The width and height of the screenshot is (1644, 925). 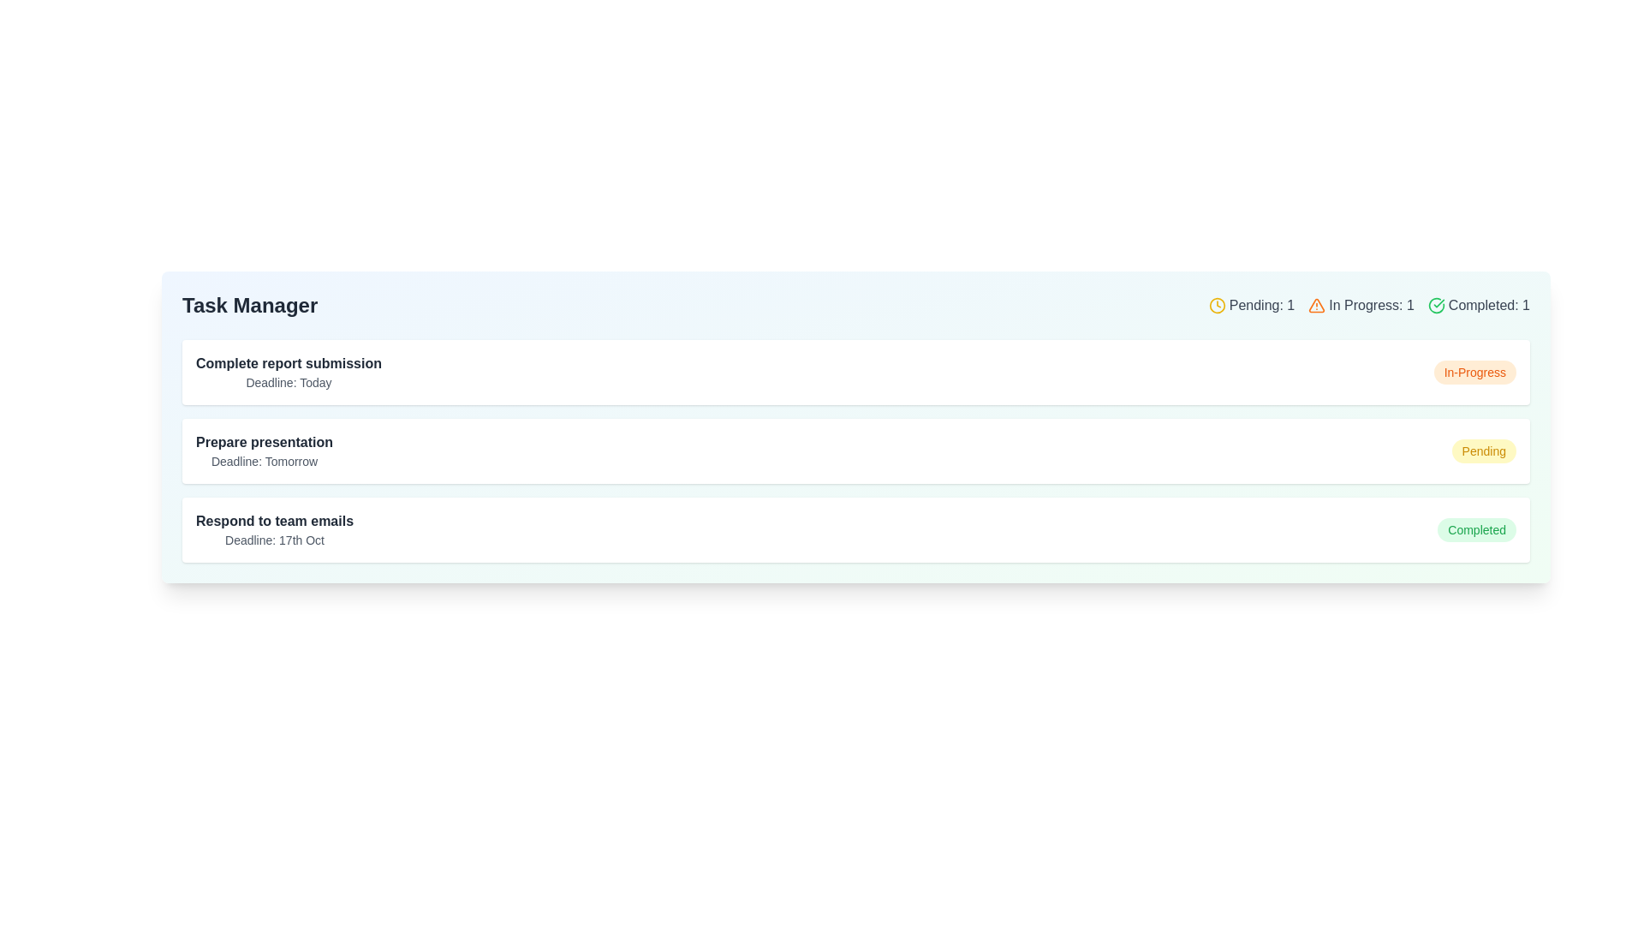 I want to click on the text content element in the second task card of the Task Manager interface, which displays 'Prepare presentation' and 'Deadline: Tomorrow', so click(x=264, y=451).